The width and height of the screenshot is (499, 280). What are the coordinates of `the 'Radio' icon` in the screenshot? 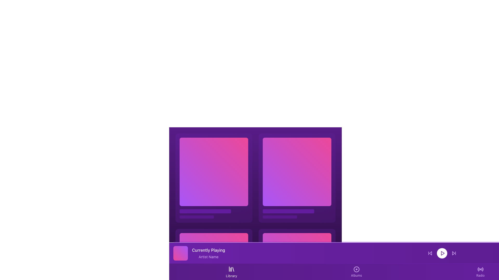 It's located at (480, 269).